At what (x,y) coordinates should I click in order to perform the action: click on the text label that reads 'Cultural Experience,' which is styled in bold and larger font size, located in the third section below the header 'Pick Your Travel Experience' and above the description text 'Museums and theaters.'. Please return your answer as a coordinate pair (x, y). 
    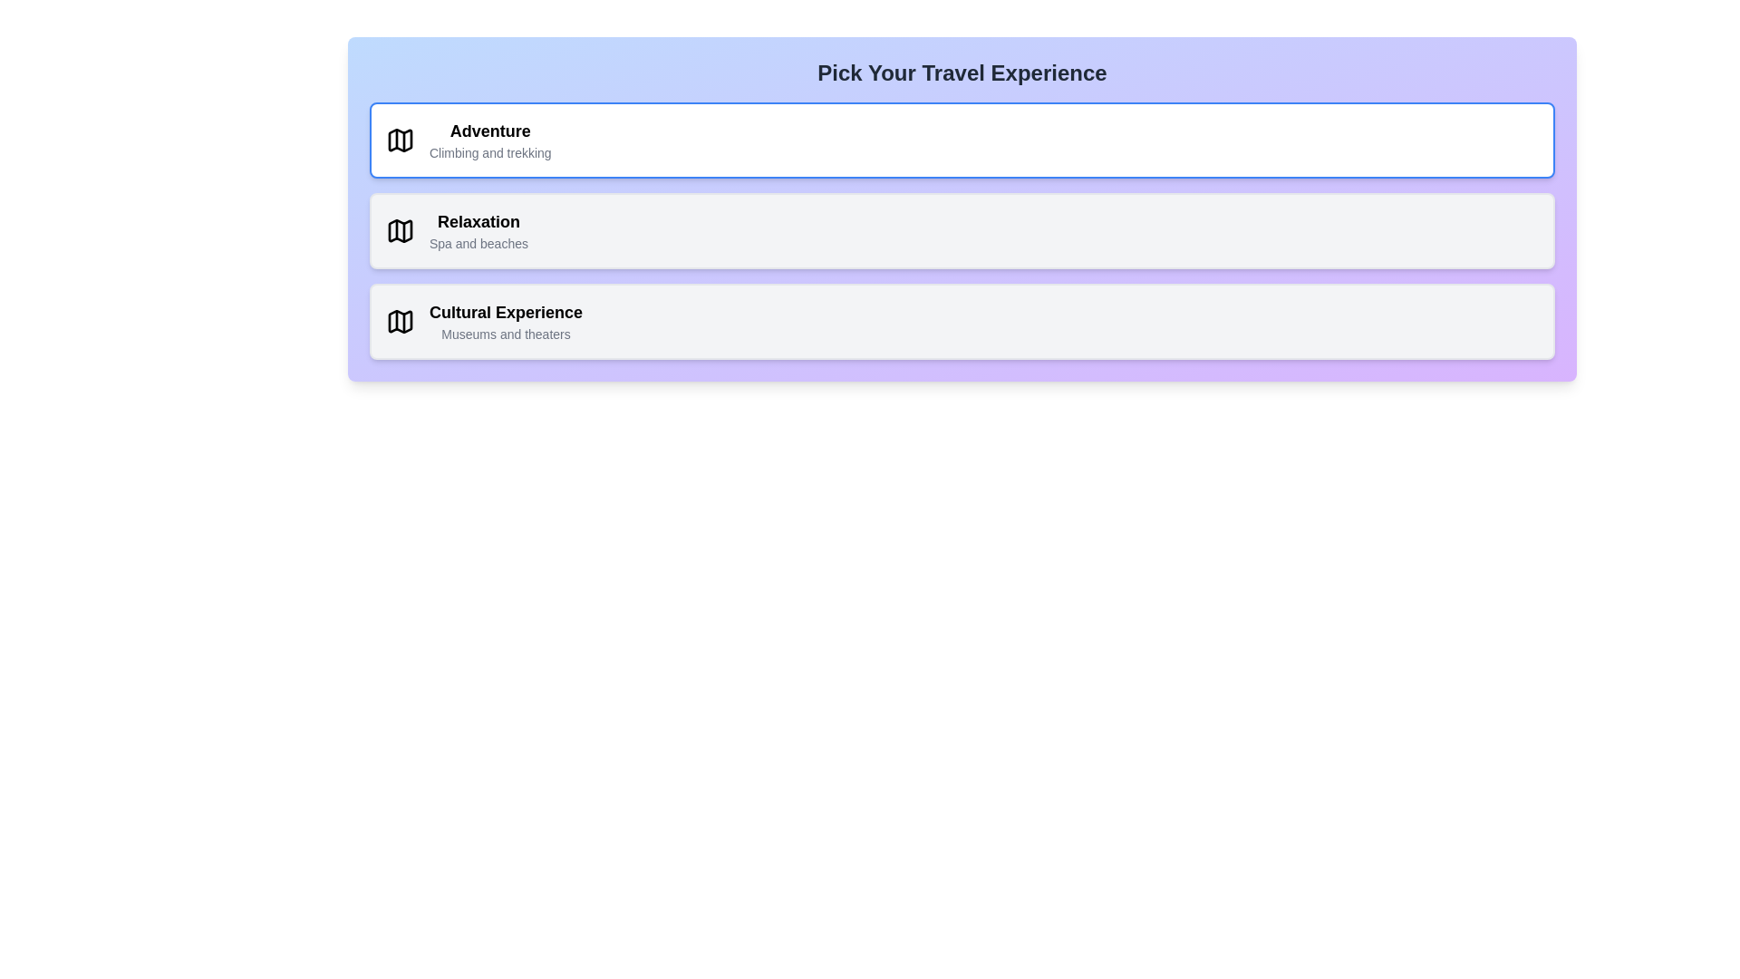
    Looking at the image, I should click on (506, 311).